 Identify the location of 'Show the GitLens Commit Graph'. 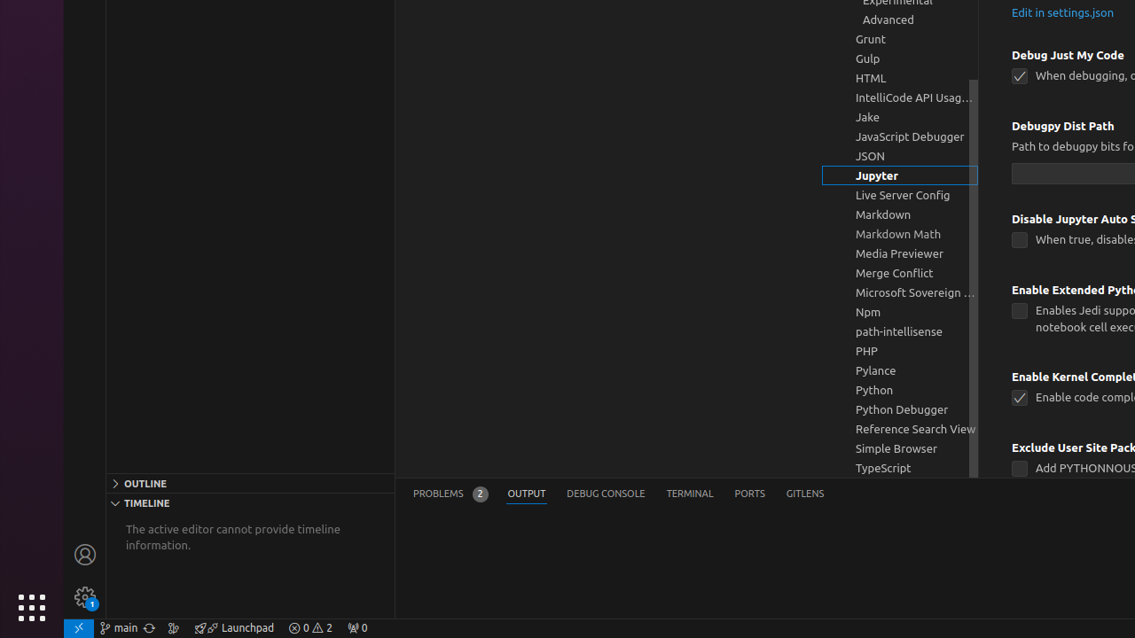
(174, 626).